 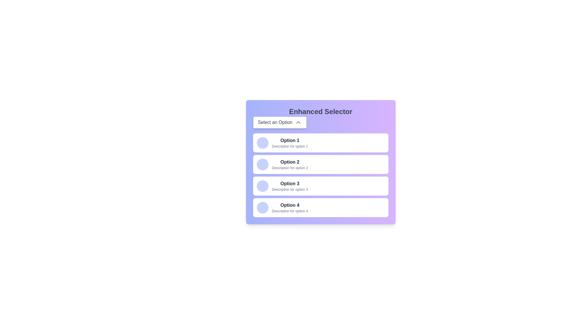 I want to click on the third selectable card labeled 'Option 3' within the 'Enhanced Selector' list, so click(x=320, y=186).